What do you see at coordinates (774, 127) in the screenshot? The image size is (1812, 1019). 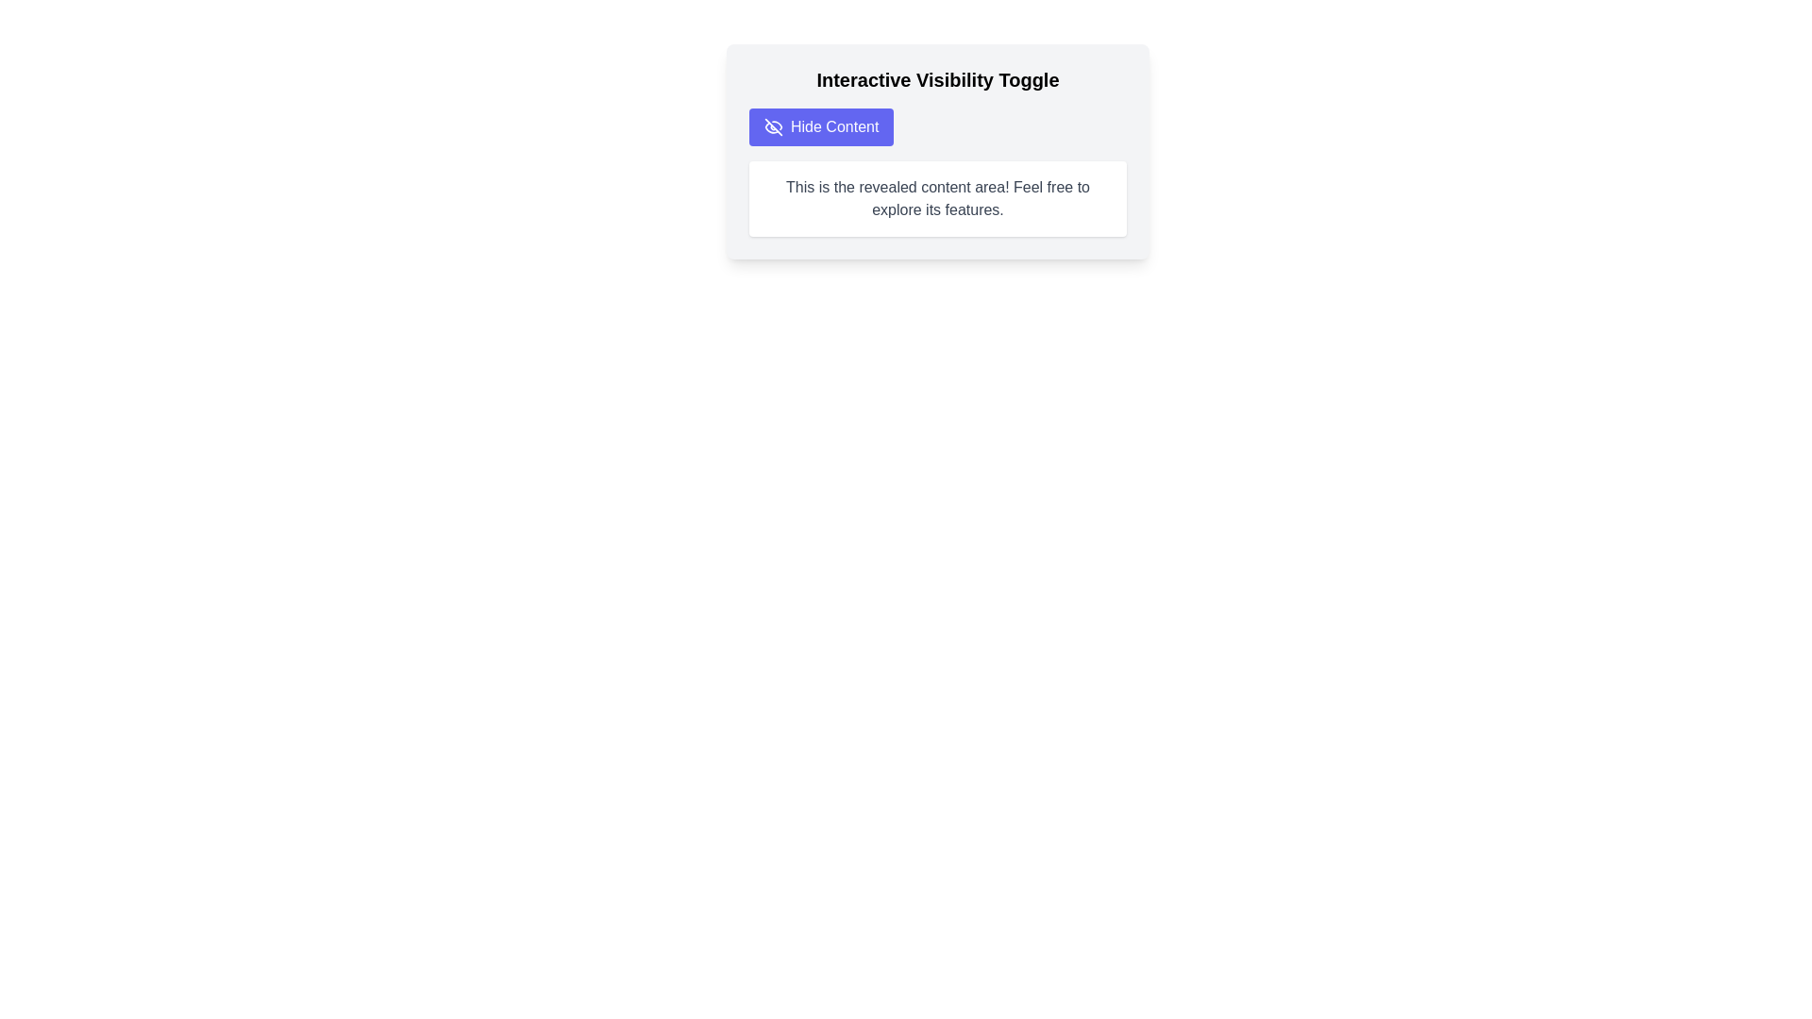 I see `the 'hide' icon located within the 'Hide Content' button` at bounding box center [774, 127].